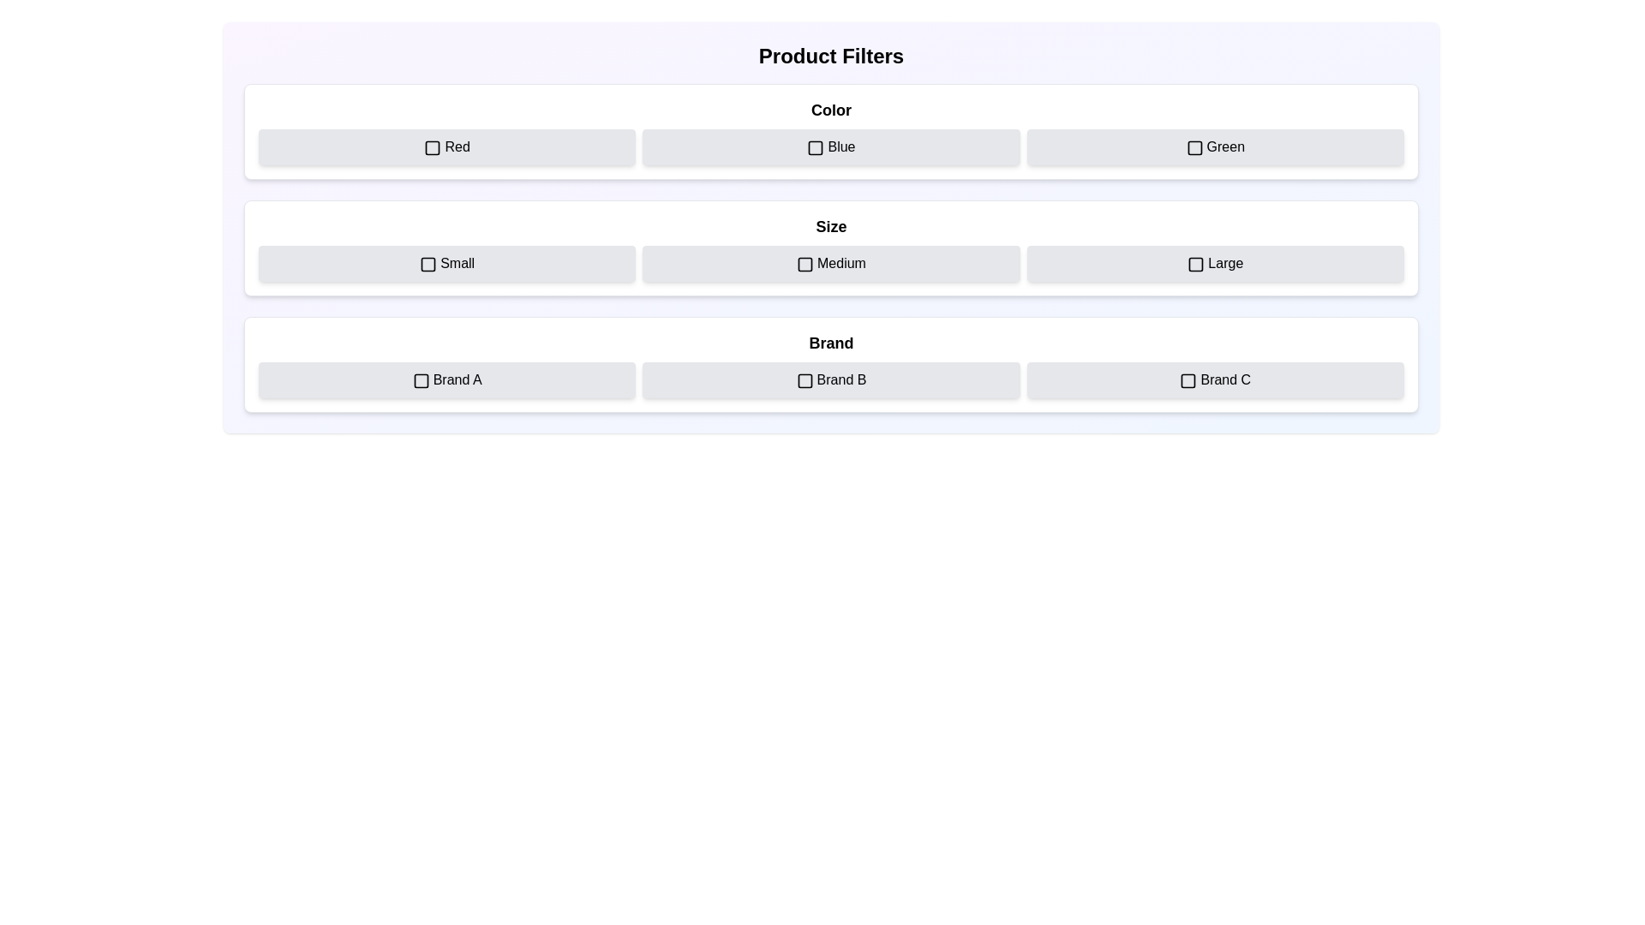 This screenshot has height=925, width=1645. What do you see at coordinates (804, 379) in the screenshot?
I see `the Checkbox graphical indicator for the Brand B filter, which is part of a row of brand filters at the bottom of the filter panel` at bounding box center [804, 379].